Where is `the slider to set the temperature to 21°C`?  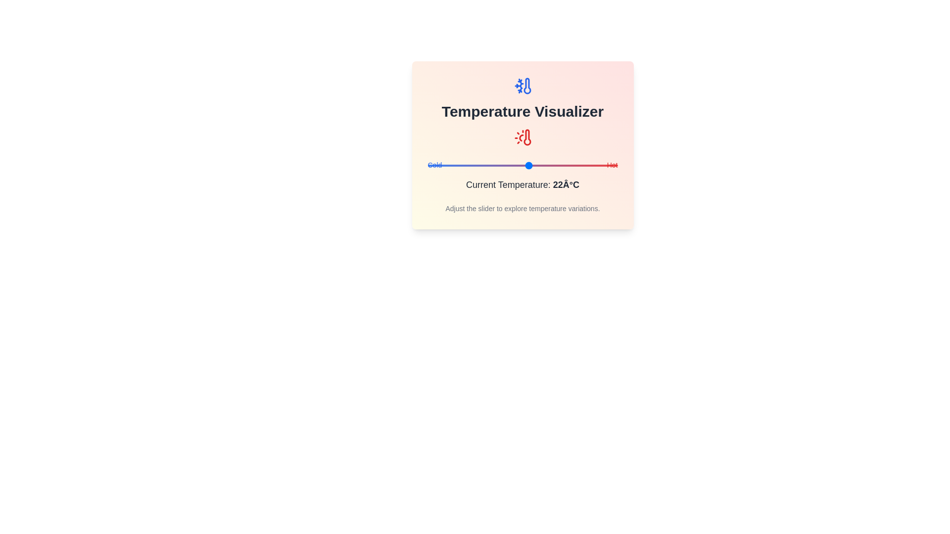 the slider to set the temperature to 21°C is located at coordinates (525, 165).